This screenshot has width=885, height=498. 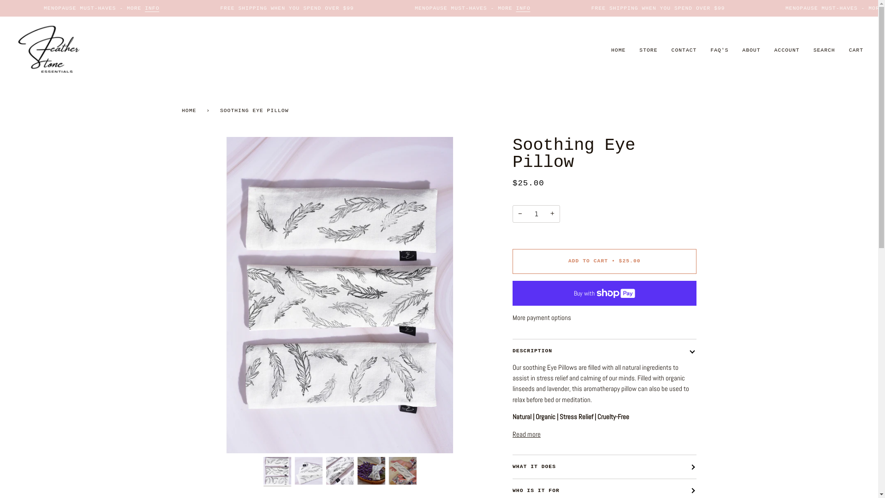 I want to click on 'STORE', so click(x=648, y=50).